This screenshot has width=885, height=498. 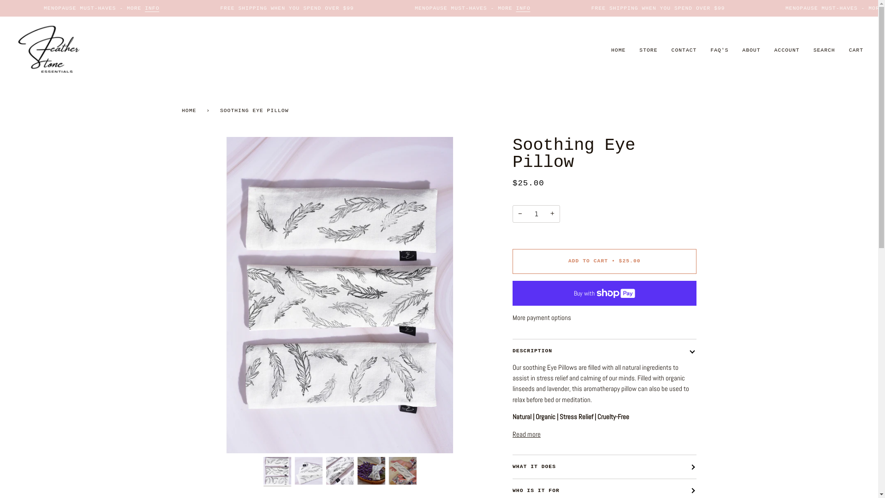 I want to click on 'STORE', so click(x=648, y=50).